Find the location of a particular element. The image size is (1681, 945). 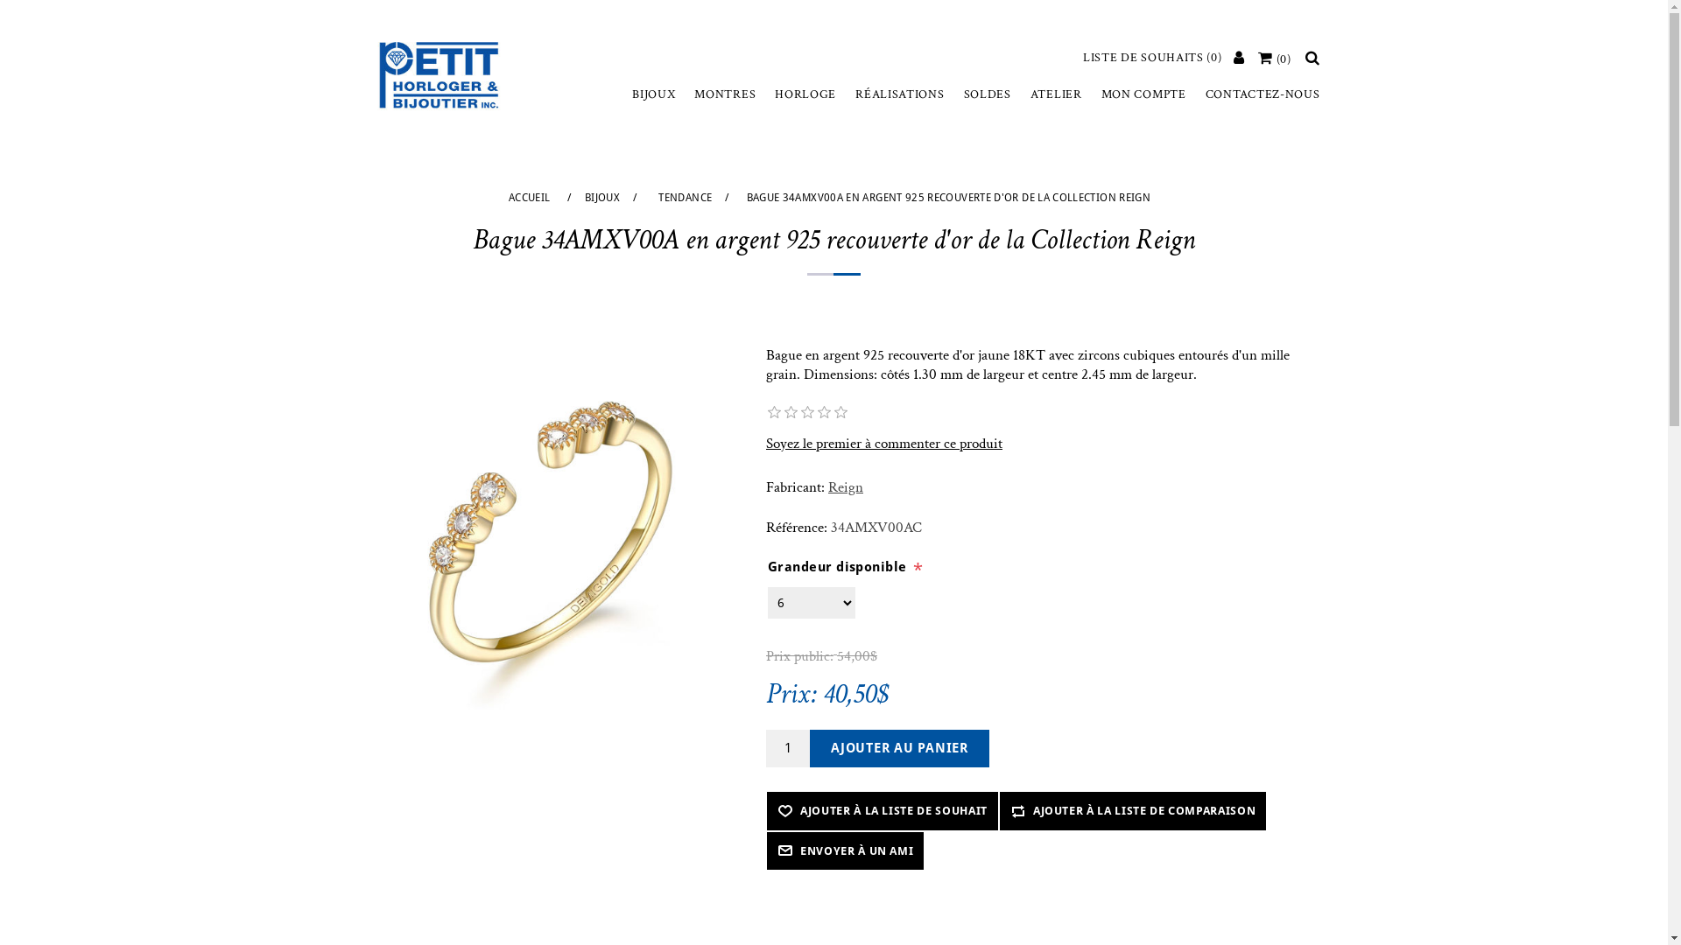

'HORLOGE' is located at coordinates (805, 94).